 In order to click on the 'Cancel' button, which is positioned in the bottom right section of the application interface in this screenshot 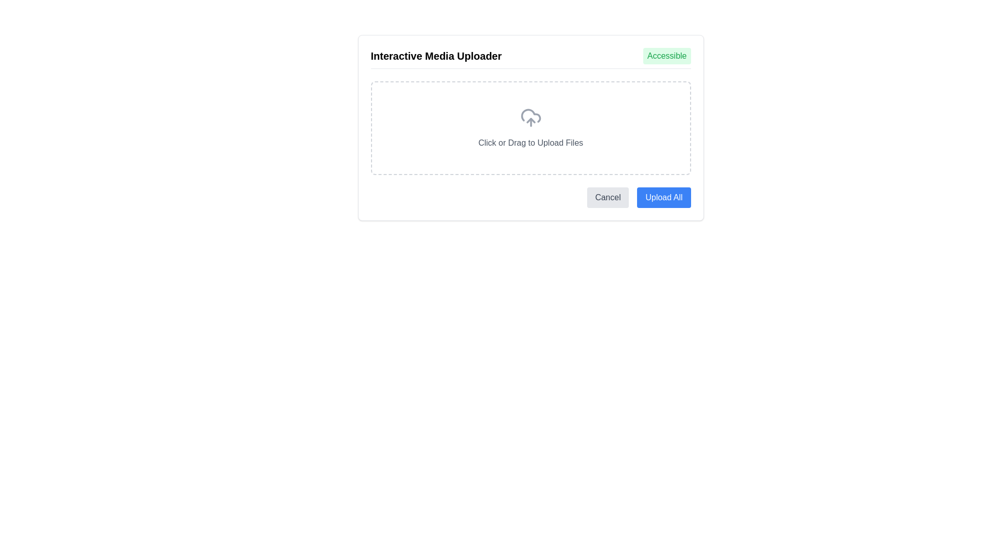, I will do `click(608, 198)`.